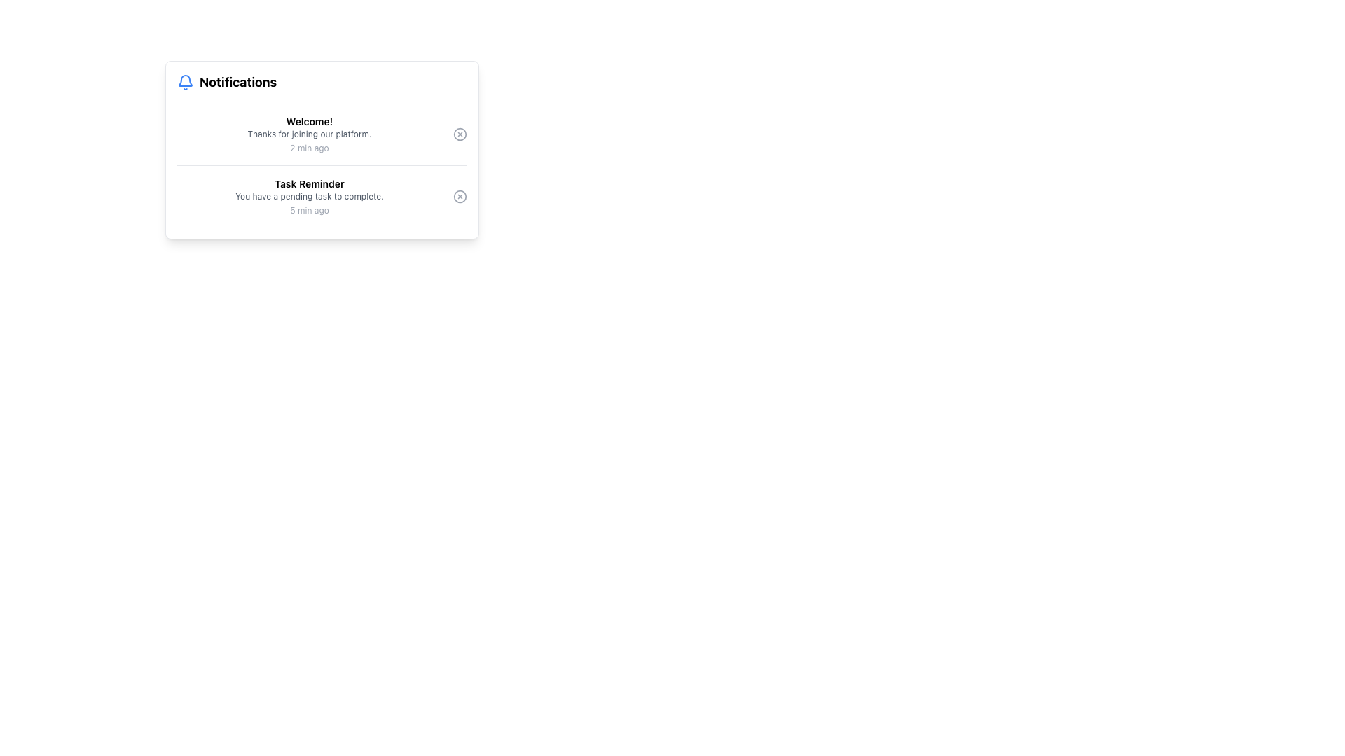 The width and height of the screenshot is (1345, 756). What do you see at coordinates (308, 197) in the screenshot?
I see `the text label that provides information about a pending task, located below the 'Task Reminder' title and above the timestamp '5 min ago', centered within the notification card` at bounding box center [308, 197].